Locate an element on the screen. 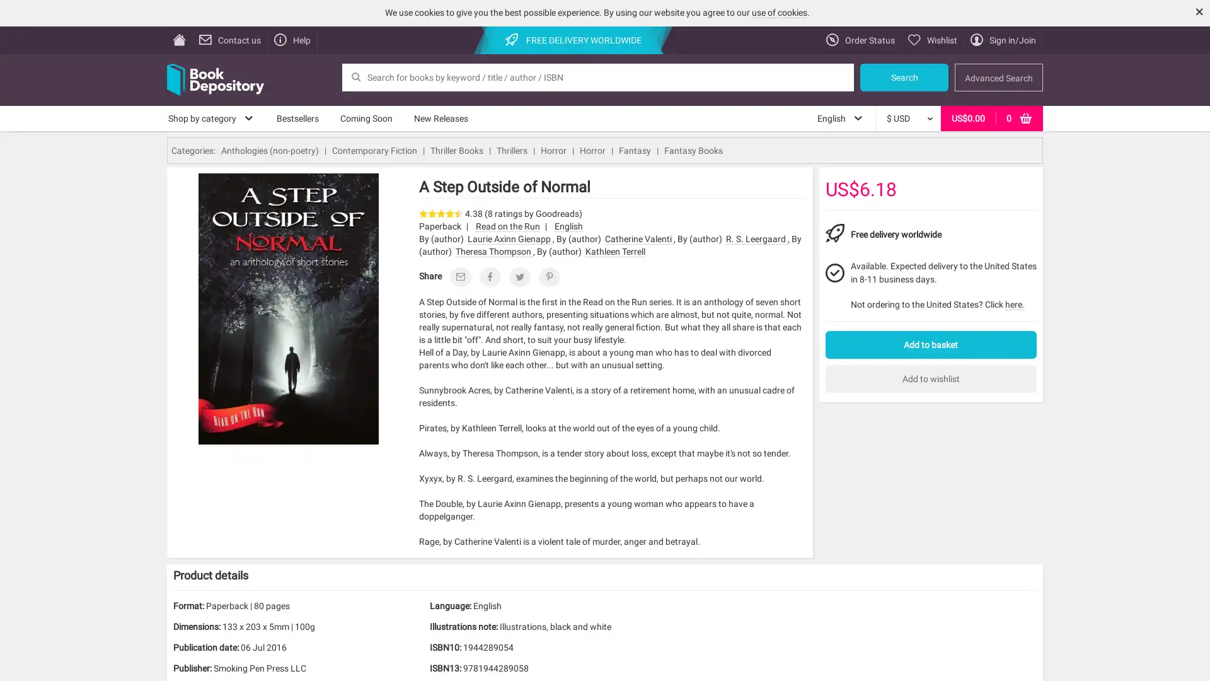  Search is located at coordinates (904, 77).